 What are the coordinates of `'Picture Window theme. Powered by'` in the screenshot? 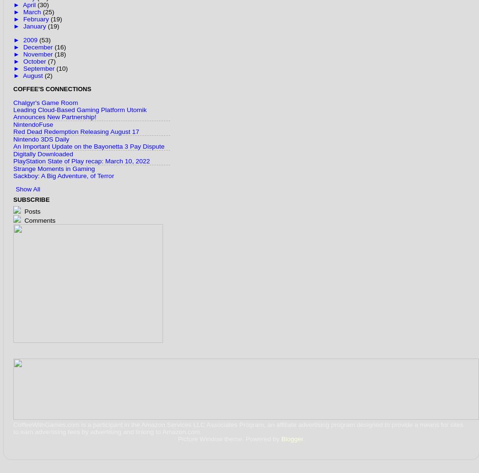 It's located at (230, 439).